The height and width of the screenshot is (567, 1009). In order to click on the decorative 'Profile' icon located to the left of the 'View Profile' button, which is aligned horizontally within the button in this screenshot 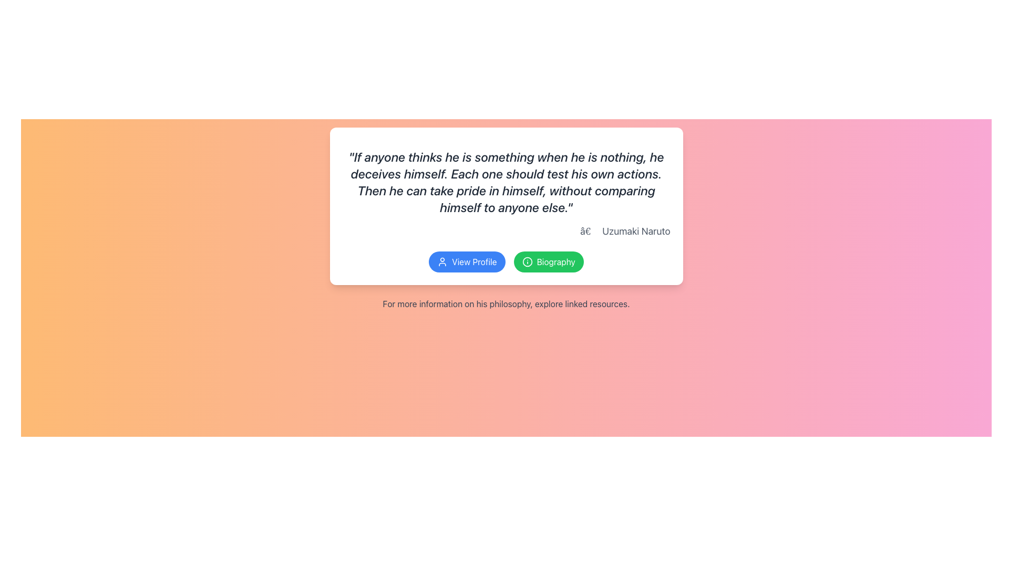, I will do `click(442, 261)`.